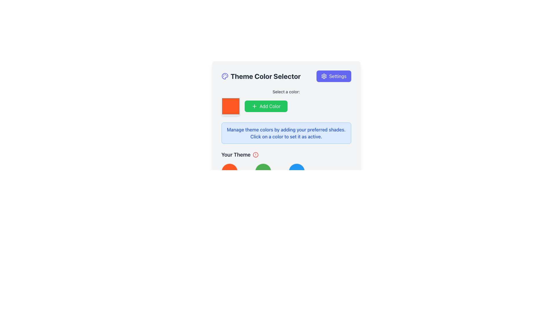  I want to click on the 'Add Color' button, so click(286, 102).